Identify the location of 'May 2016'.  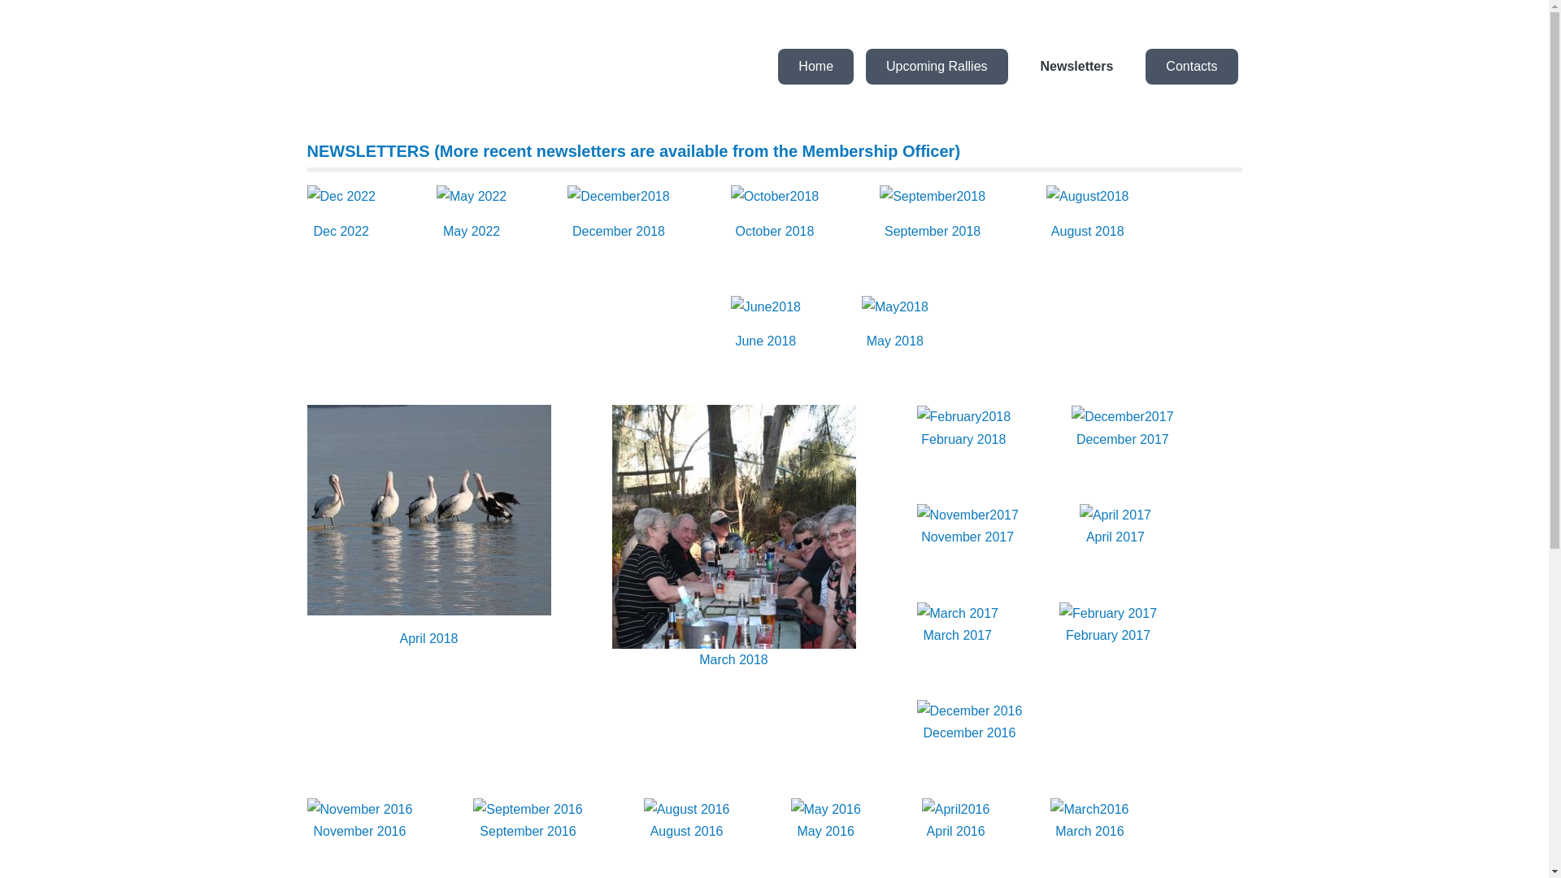
(826, 831).